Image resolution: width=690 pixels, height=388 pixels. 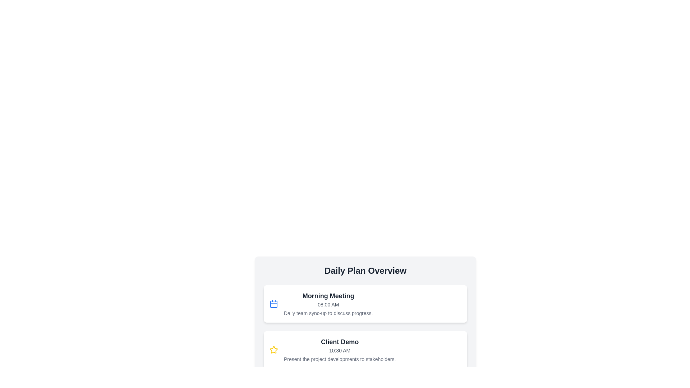 What do you see at coordinates (273, 349) in the screenshot?
I see `the star-shaped icon to highlight or favorite the 'Client Demo' appointment in the 'Daily Plan Overview' section` at bounding box center [273, 349].